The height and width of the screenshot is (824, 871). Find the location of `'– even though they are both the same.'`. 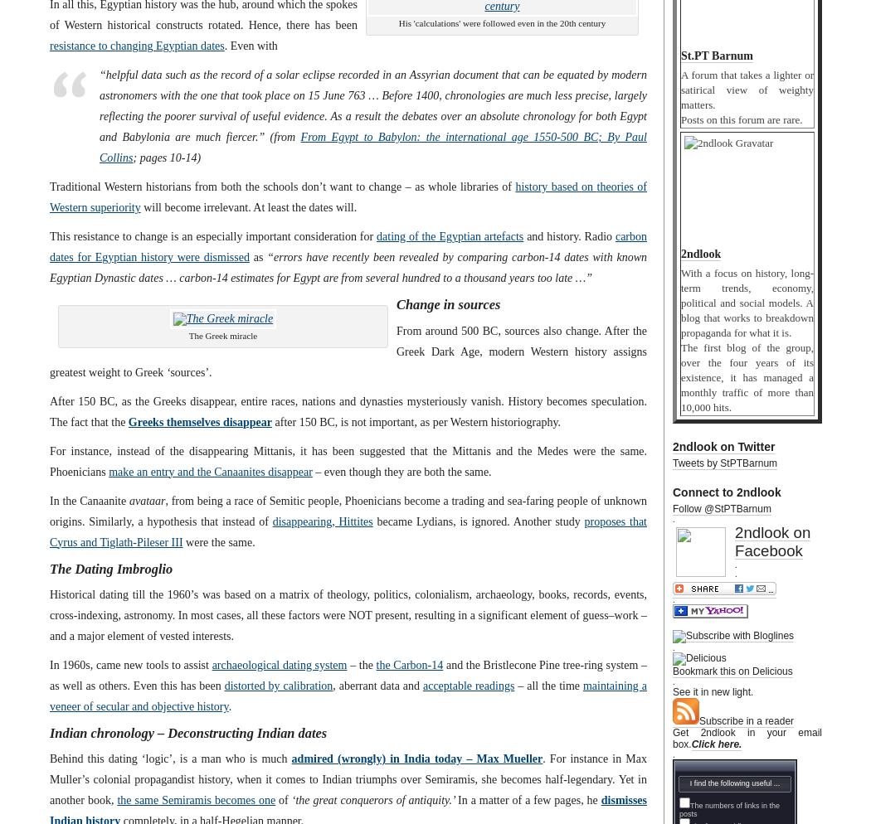

'– even though they are both the same.' is located at coordinates (401, 471).